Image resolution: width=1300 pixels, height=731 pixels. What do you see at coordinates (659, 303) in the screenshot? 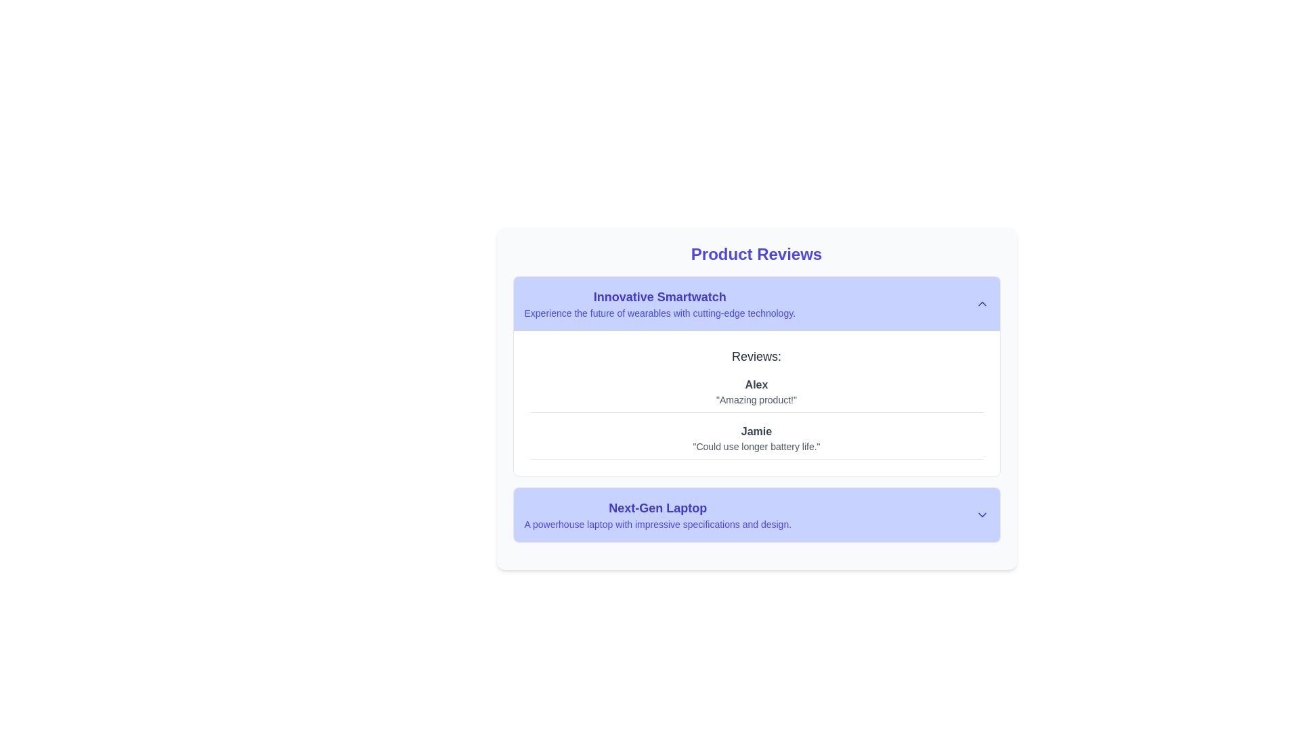
I see `text content of the Text Block titled 'Innovative Smartwatch', which is styled with bold indigo font and located at the top of the review section` at bounding box center [659, 303].